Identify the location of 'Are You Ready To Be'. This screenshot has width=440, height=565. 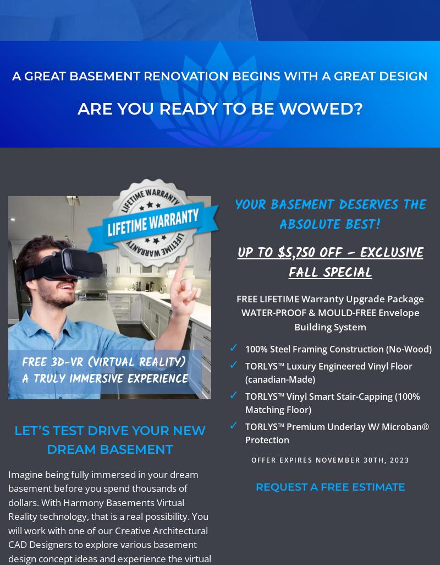
(177, 107).